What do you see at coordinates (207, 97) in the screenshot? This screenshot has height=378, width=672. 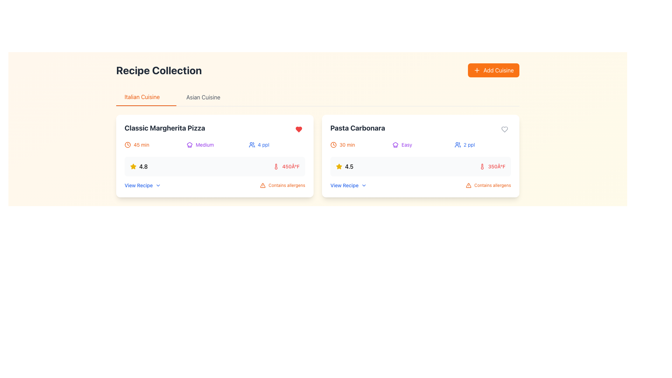 I see `the clickable text element labeled 'Asian Cuisine'` at bounding box center [207, 97].